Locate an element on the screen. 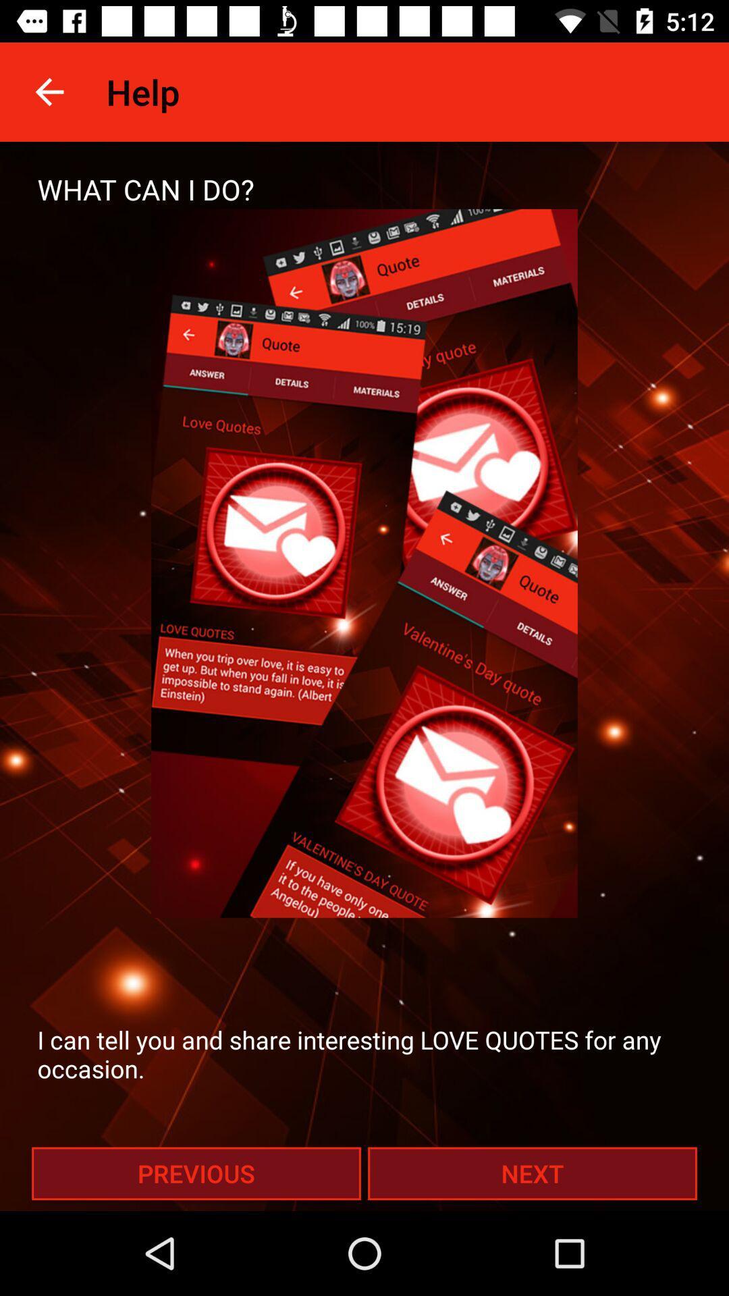 The image size is (729, 1296). the icon at the bottom left corner is located at coordinates (196, 1172).